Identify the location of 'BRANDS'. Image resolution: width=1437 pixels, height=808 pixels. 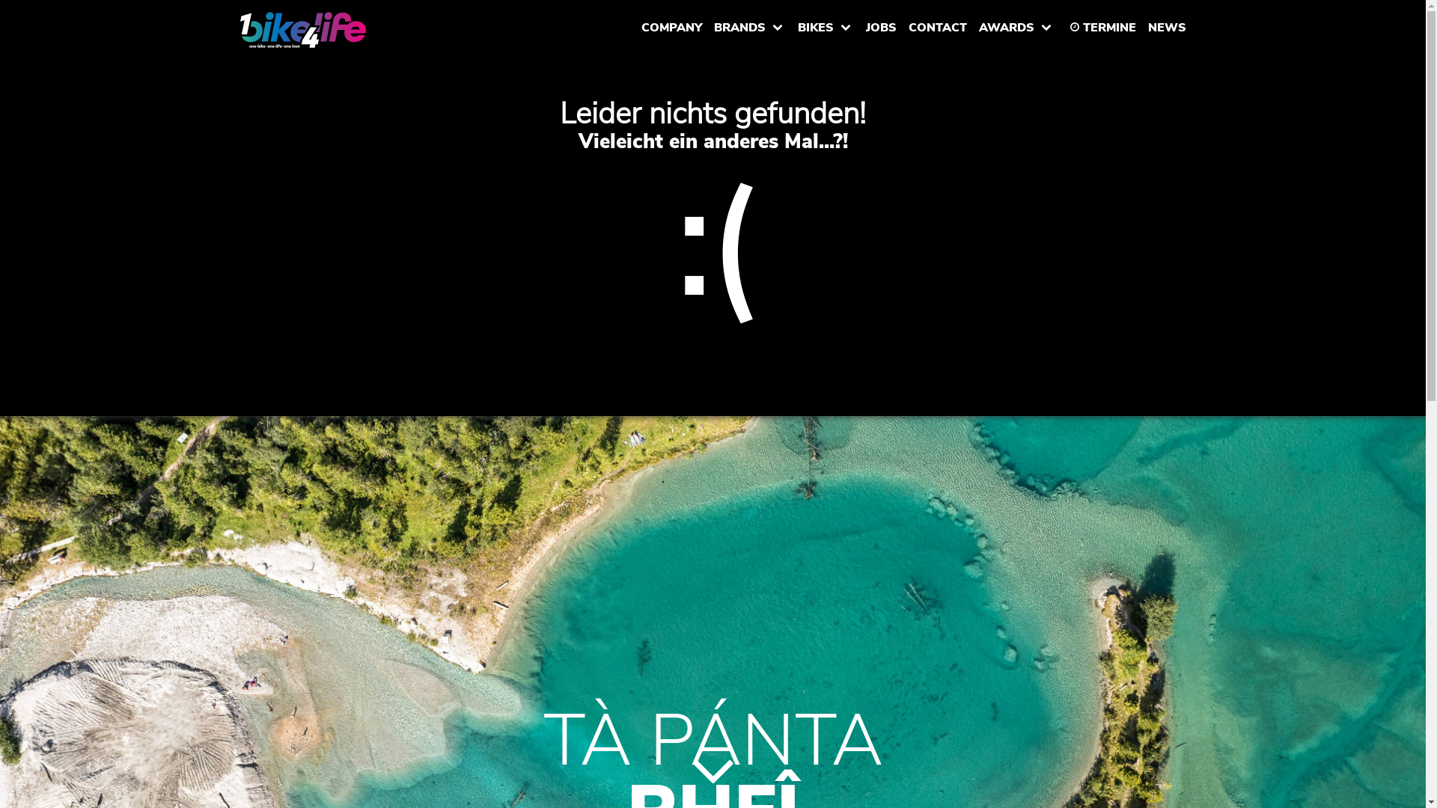
(750, 26).